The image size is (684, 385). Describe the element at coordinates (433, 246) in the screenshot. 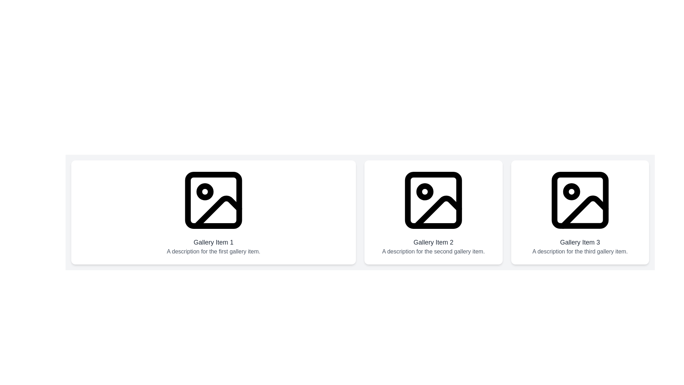

I see `the text block containing the title 'Gallery Item 2' and the subtitle 'A description for the second gallery item.' located in the lower portion of the second gallery item box` at that location.